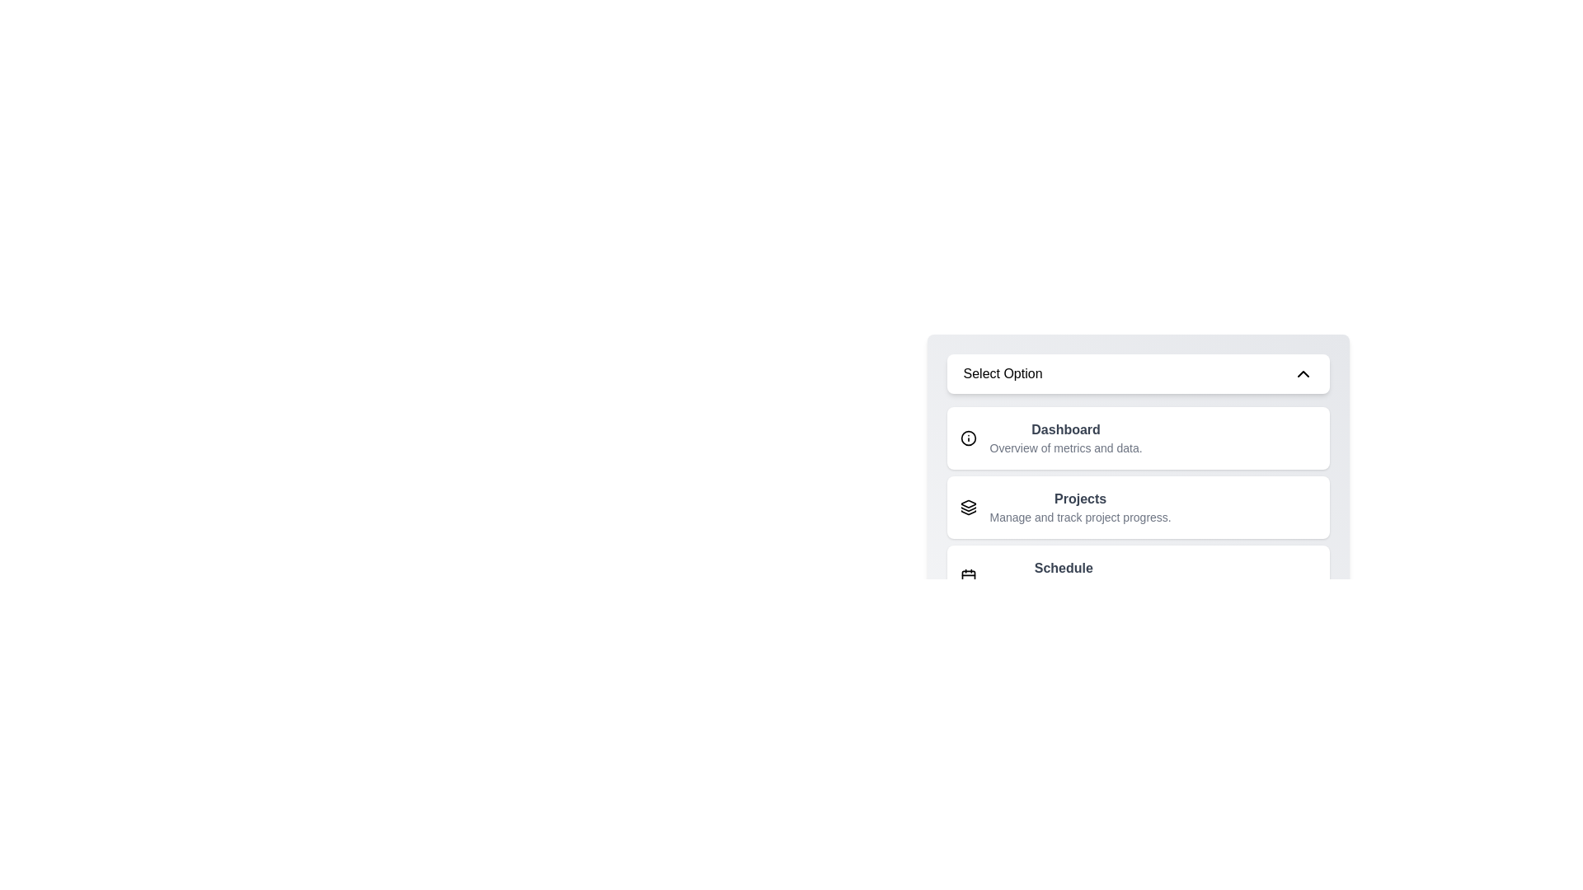  Describe the element at coordinates (1137, 575) in the screenshot. I see `the option Schedule from the dropdown menu` at that location.